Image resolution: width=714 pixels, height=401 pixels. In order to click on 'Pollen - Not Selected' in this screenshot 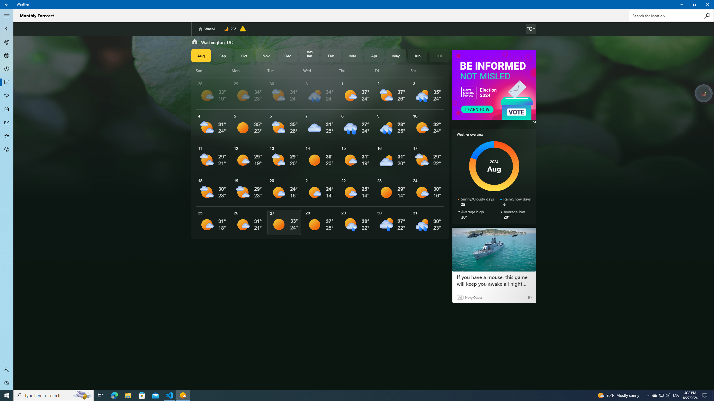, I will do `click(7, 96)`.